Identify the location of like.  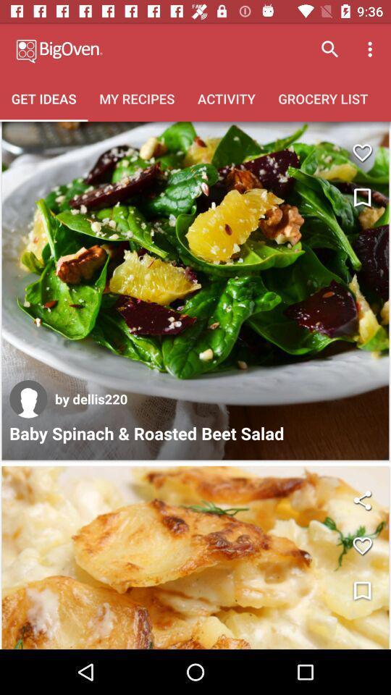
(361, 545).